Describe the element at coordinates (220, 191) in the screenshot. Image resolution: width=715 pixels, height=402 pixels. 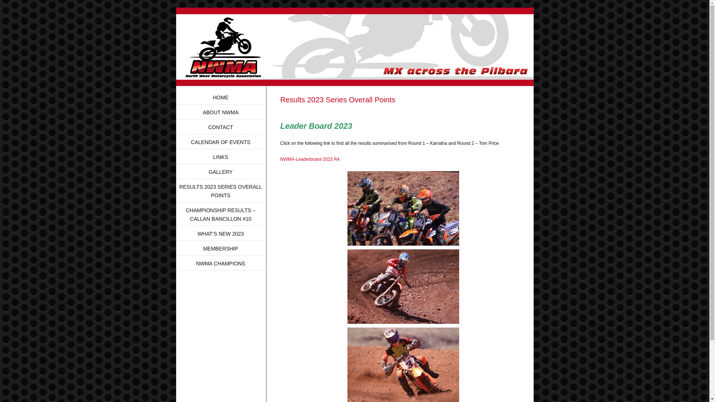
I see `'RESULTS 2023 SERIES OVERALL POINTS'` at that location.